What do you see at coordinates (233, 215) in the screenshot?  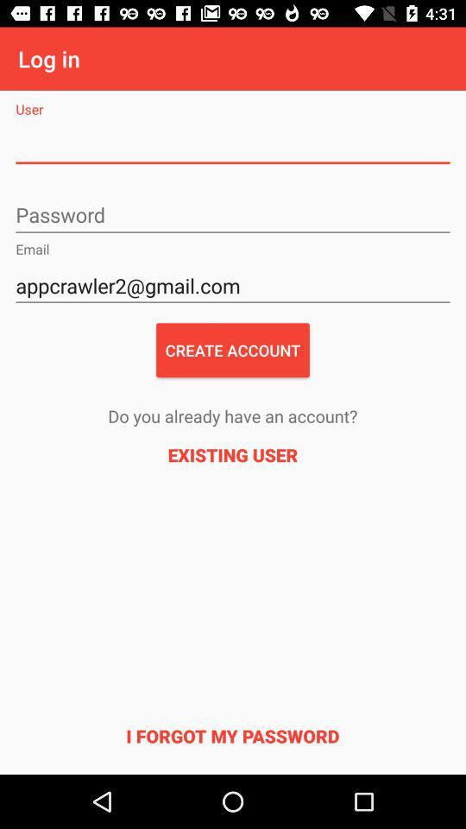 I see `enter` at bounding box center [233, 215].